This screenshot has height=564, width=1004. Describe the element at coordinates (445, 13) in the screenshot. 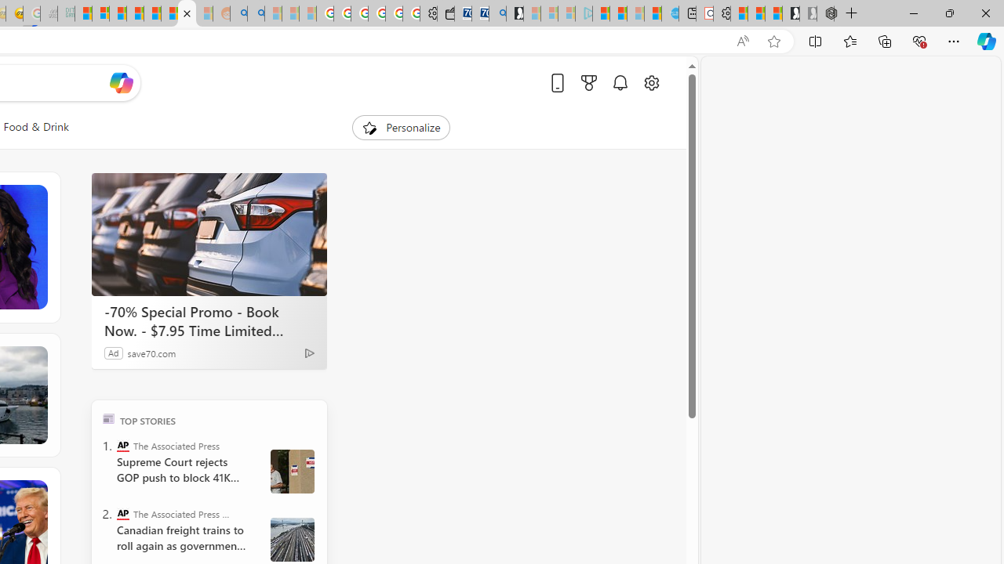

I see `'Wallet'` at that location.